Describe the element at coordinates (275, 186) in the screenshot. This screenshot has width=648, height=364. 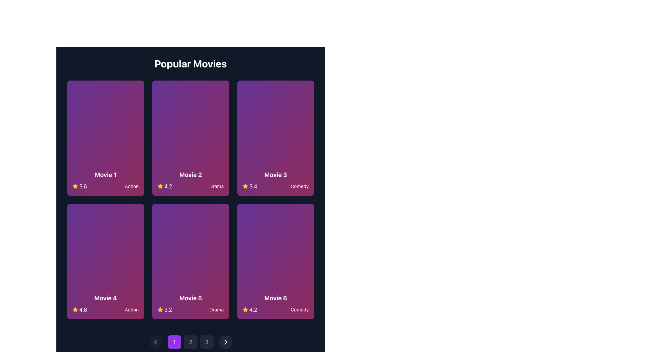
I see `rating score (3.4) and genre (Comedy) information displayed in the informational display bar located in the 'Movie 3' card, positioned just below the title` at that location.